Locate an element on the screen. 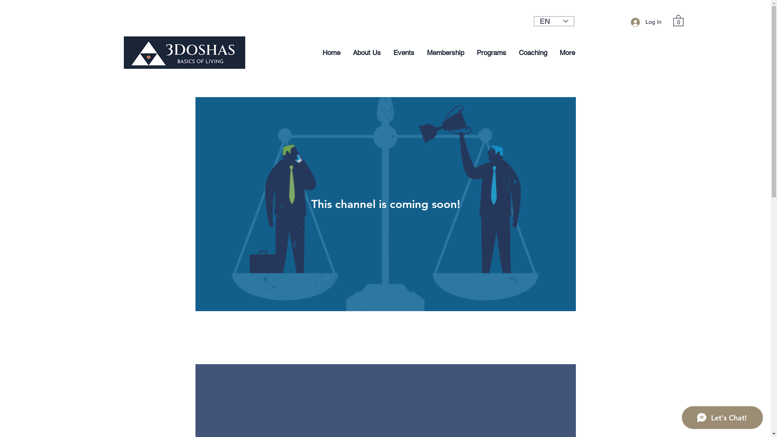  'Coaching' is located at coordinates (533, 53).